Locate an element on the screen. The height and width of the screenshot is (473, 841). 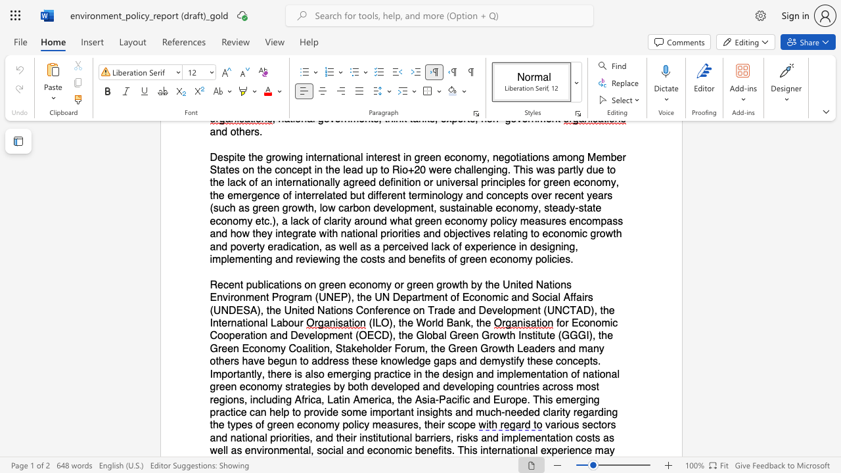
the subset text "on costs" within the text "and implementation costs as well as environmental," is located at coordinates (561, 438).